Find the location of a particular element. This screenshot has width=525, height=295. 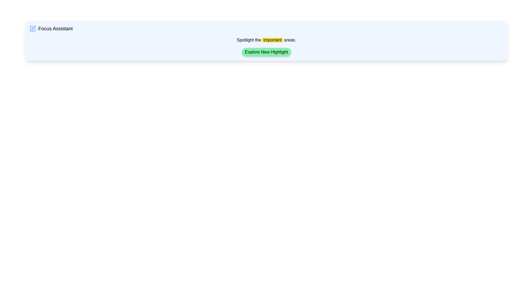

the button with a green background labeled 'Explore New Highlight' is located at coordinates (266, 52).